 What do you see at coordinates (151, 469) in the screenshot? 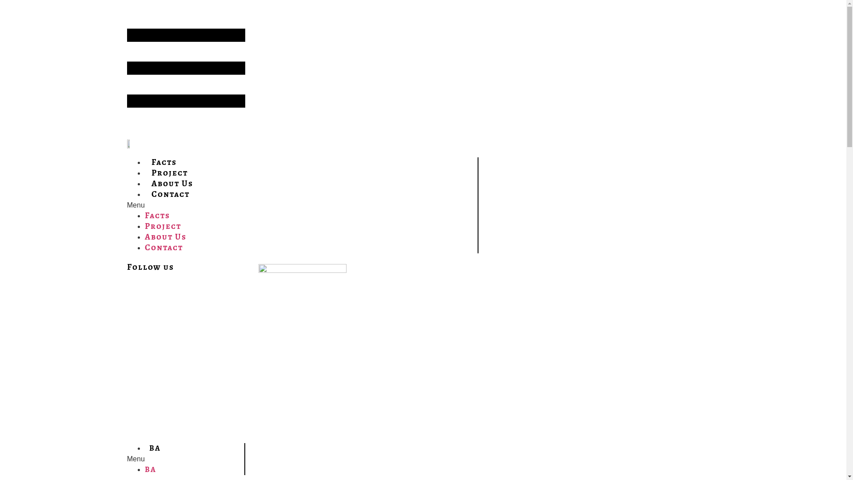
I see `'BA'` at bounding box center [151, 469].